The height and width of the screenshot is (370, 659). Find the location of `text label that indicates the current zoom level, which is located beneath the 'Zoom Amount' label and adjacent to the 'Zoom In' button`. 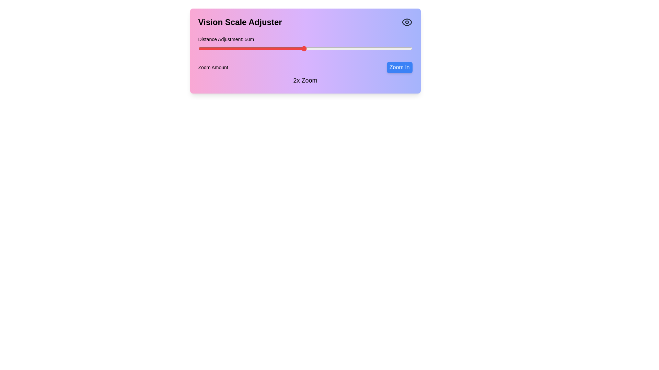

text label that indicates the current zoom level, which is located beneath the 'Zoom Amount' label and adjacent to the 'Zoom In' button is located at coordinates (305, 80).